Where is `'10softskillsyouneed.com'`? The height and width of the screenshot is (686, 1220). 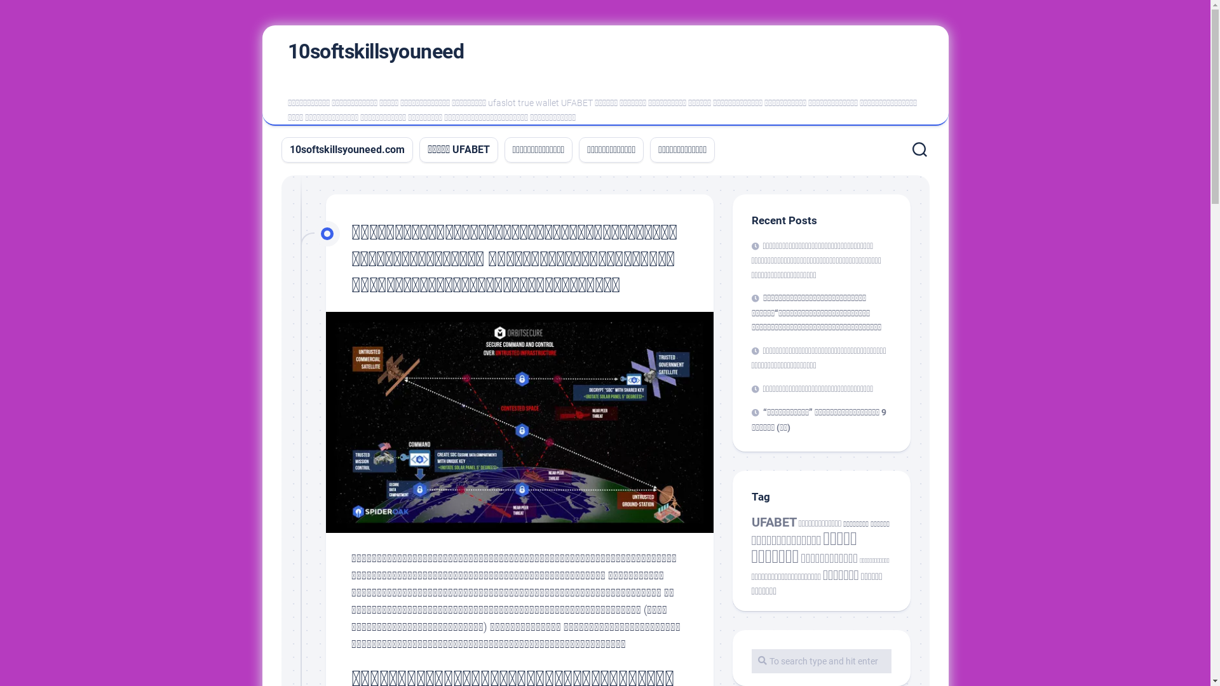
'10softskillsyouneed.com' is located at coordinates (347, 149).